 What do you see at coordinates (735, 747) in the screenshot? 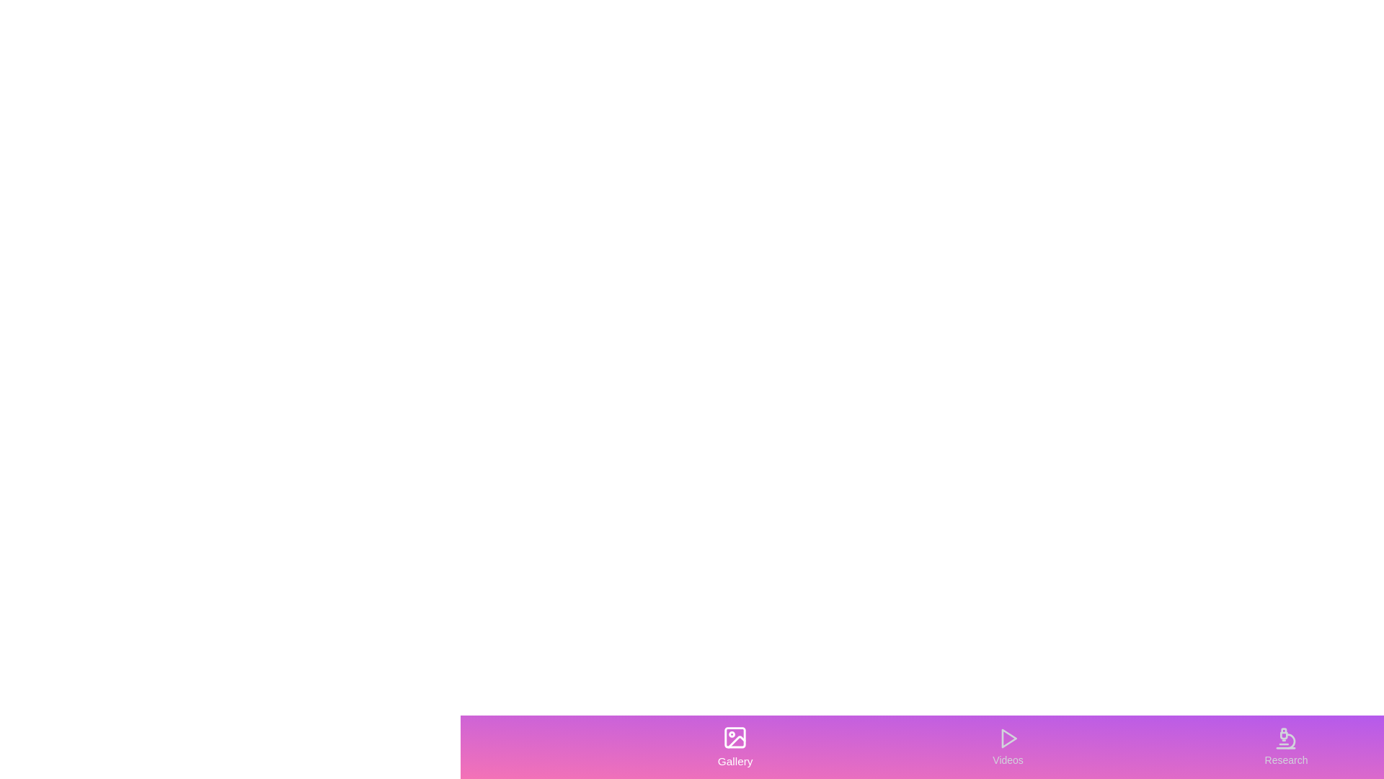
I see `the tab labeled Gallery to observe its hover effect` at bounding box center [735, 747].